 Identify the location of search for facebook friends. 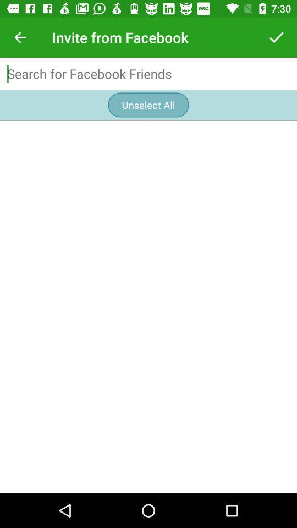
(148, 73).